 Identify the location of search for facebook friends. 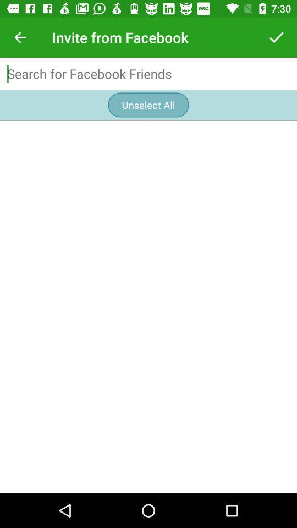
(148, 73).